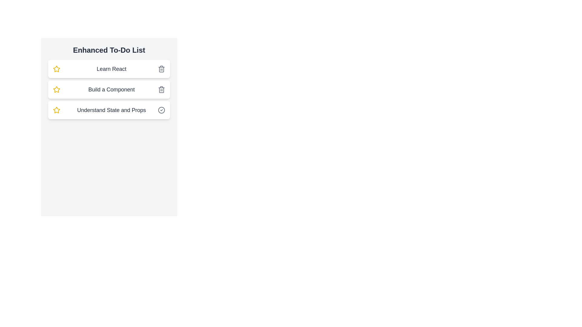  What do you see at coordinates (109, 110) in the screenshot?
I see `the static card titled 'Understand State and Props' which features a golden star icon on the left and a circular checkmark icon on the right, located at the bottom-most position in the 'Enhanced To-Do List'` at bounding box center [109, 110].